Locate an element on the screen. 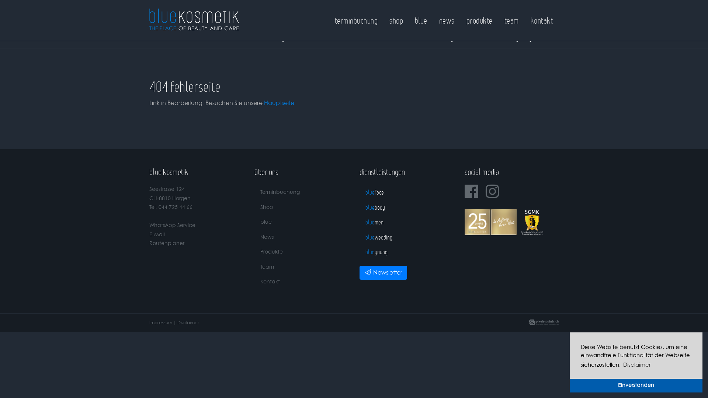  'shop' is located at coordinates (396, 20).